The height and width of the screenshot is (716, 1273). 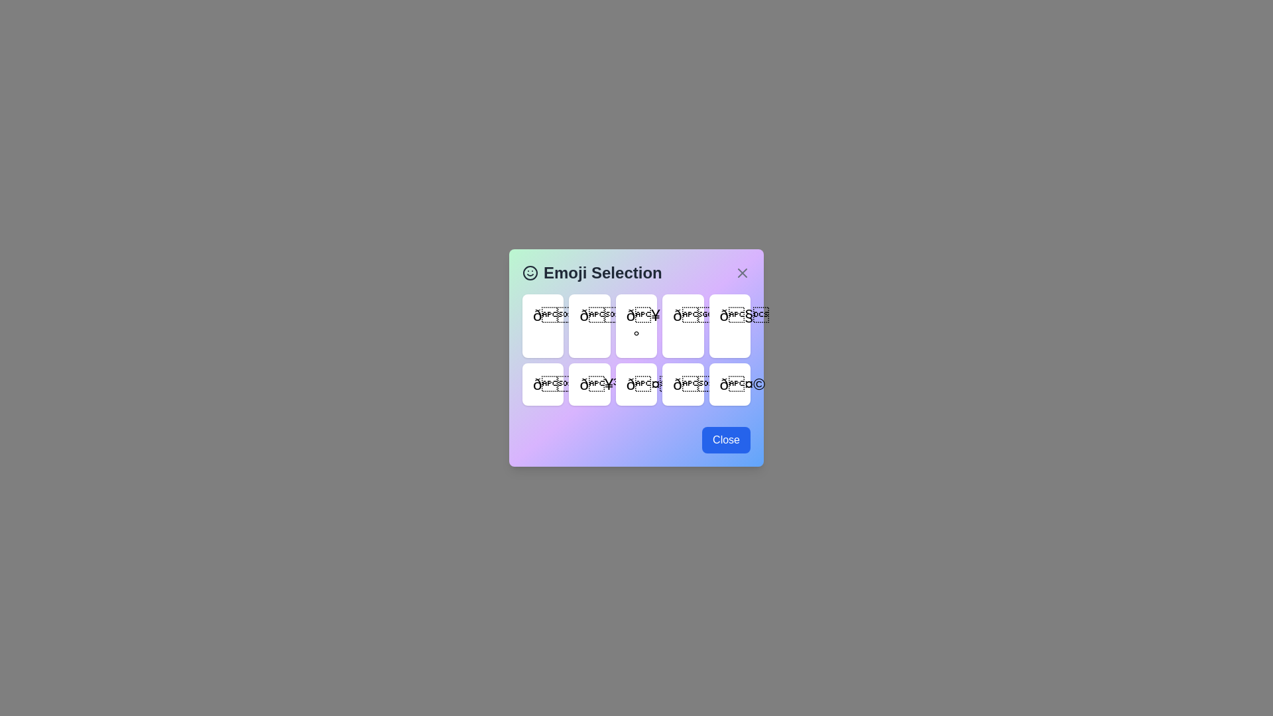 What do you see at coordinates (725, 440) in the screenshot?
I see `the 'Close' button at the bottom-right of the dialog` at bounding box center [725, 440].